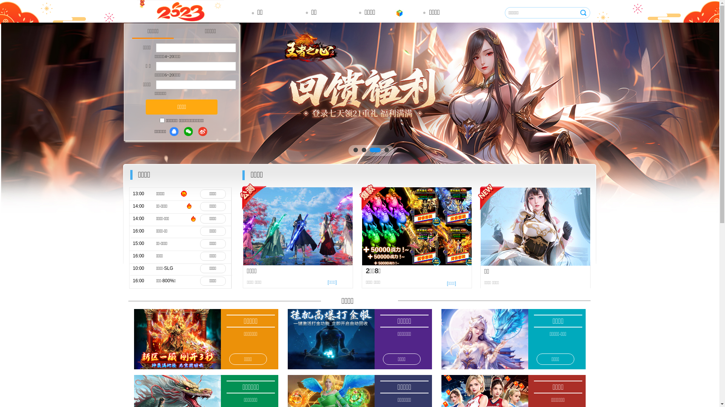 The height and width of the screenshot is (407, 725). What do you see at coordinates (143, 256) in the screenshot?
I see `'16:00'` at bounding box center [143, 256].